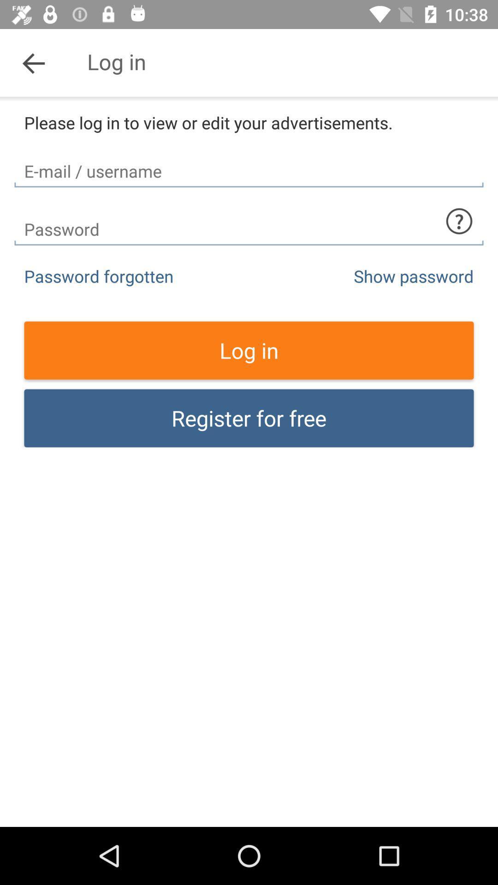  What do you see at coordinates (249, 418) in the screenshot?
I see `register for free item` at bounding box center [249, 418].